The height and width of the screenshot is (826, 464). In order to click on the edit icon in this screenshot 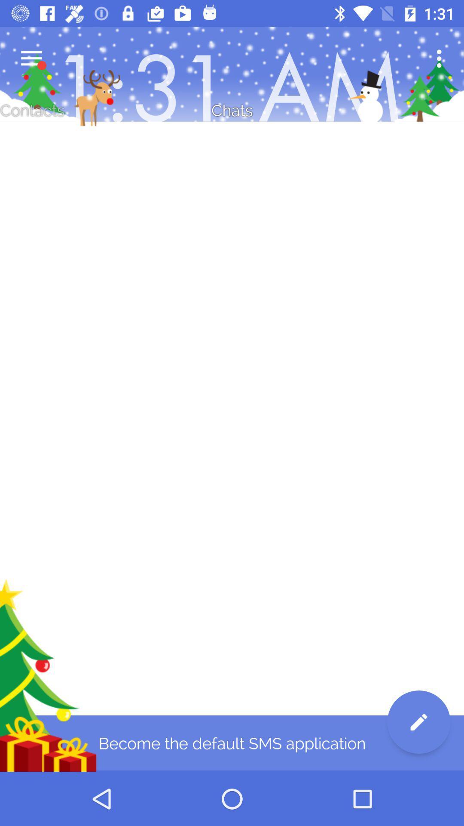, I will do `click(418, 722)`.